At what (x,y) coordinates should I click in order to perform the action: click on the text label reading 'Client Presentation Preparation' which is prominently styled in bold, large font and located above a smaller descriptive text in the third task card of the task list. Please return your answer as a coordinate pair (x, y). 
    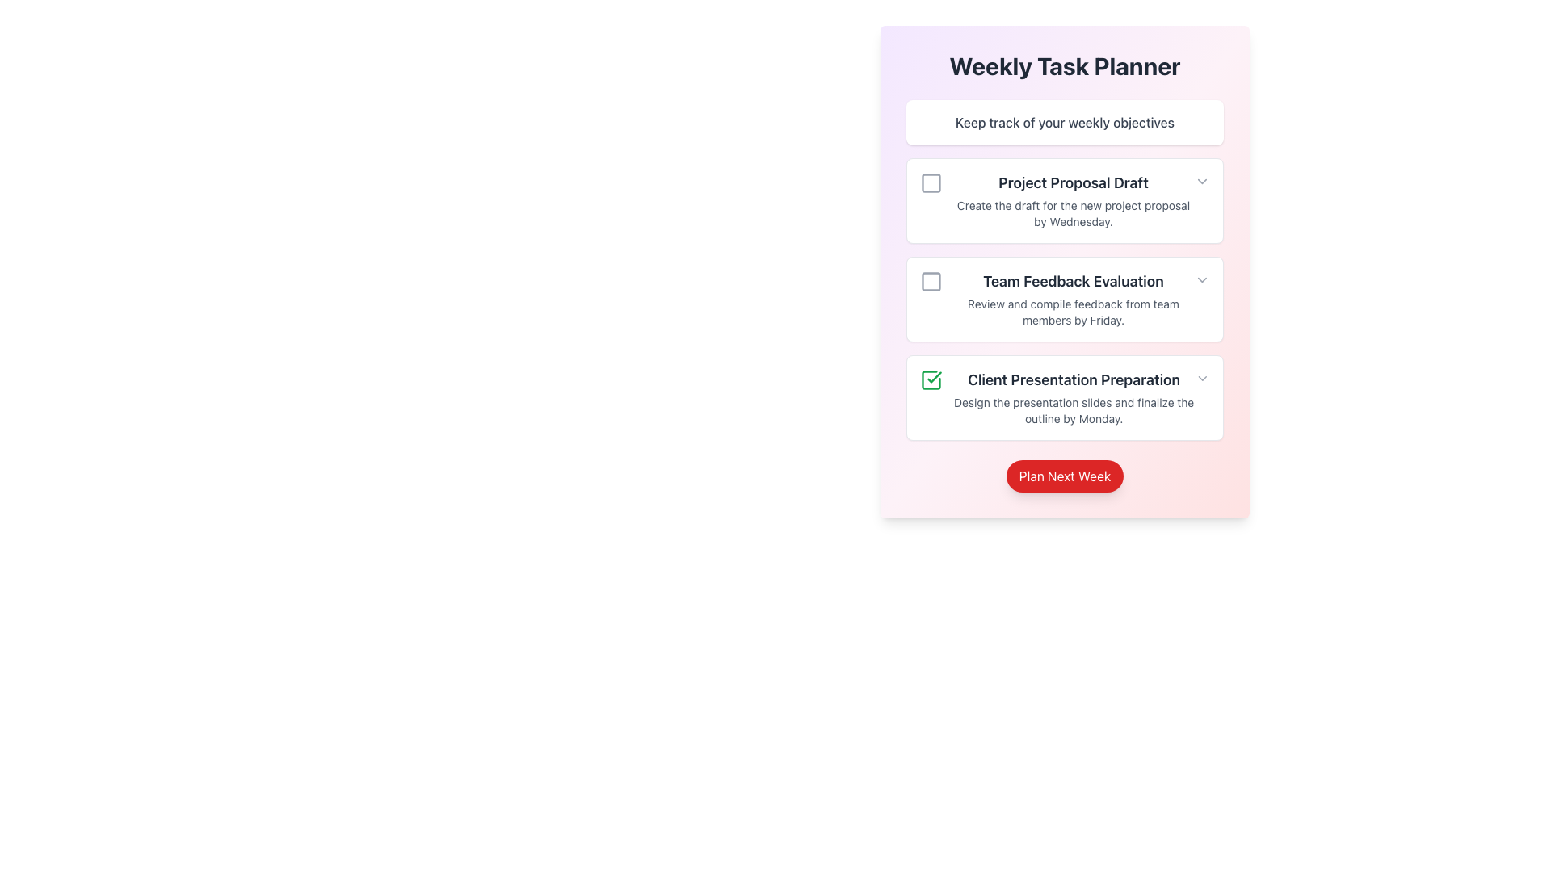
    Looking at the image, I should click on (1074, 379).